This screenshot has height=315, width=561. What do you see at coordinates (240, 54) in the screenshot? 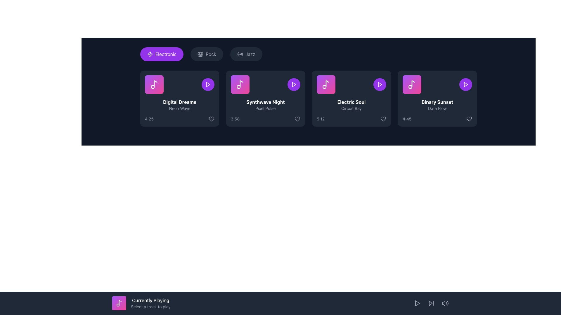
I see `the state of the 'Jazz' genre icon, which indicates it as a selected or activatable category, positioned near the left edge of the button alongside the text label` at bounding box center [240, 54].